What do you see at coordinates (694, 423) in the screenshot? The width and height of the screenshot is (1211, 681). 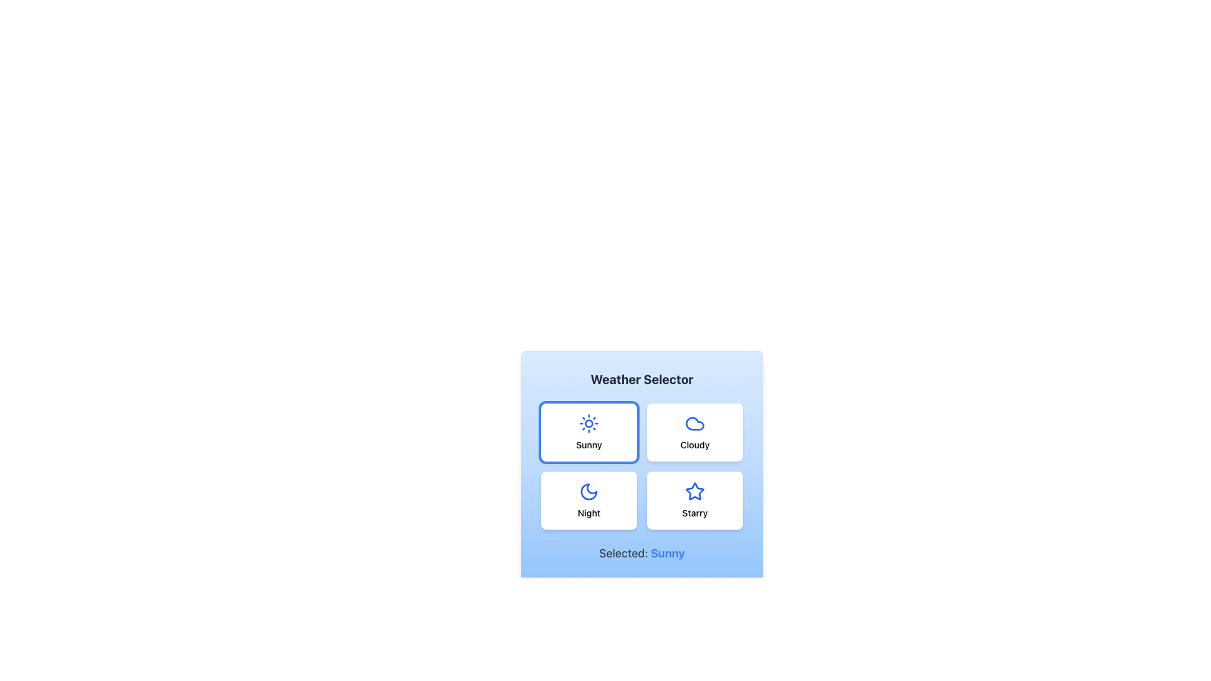 I see `the cloud icon, which is a blue minimalist design located in the upper right quadrant of the 'Weather Selector'` at bounding box center [694, 423].